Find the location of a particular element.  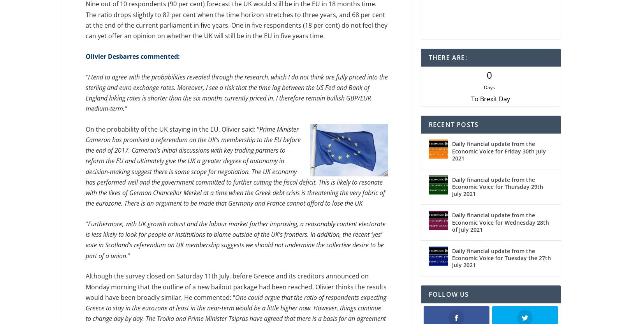

'Olivier Desbarres commented:' is located at coordinates (132, 57).